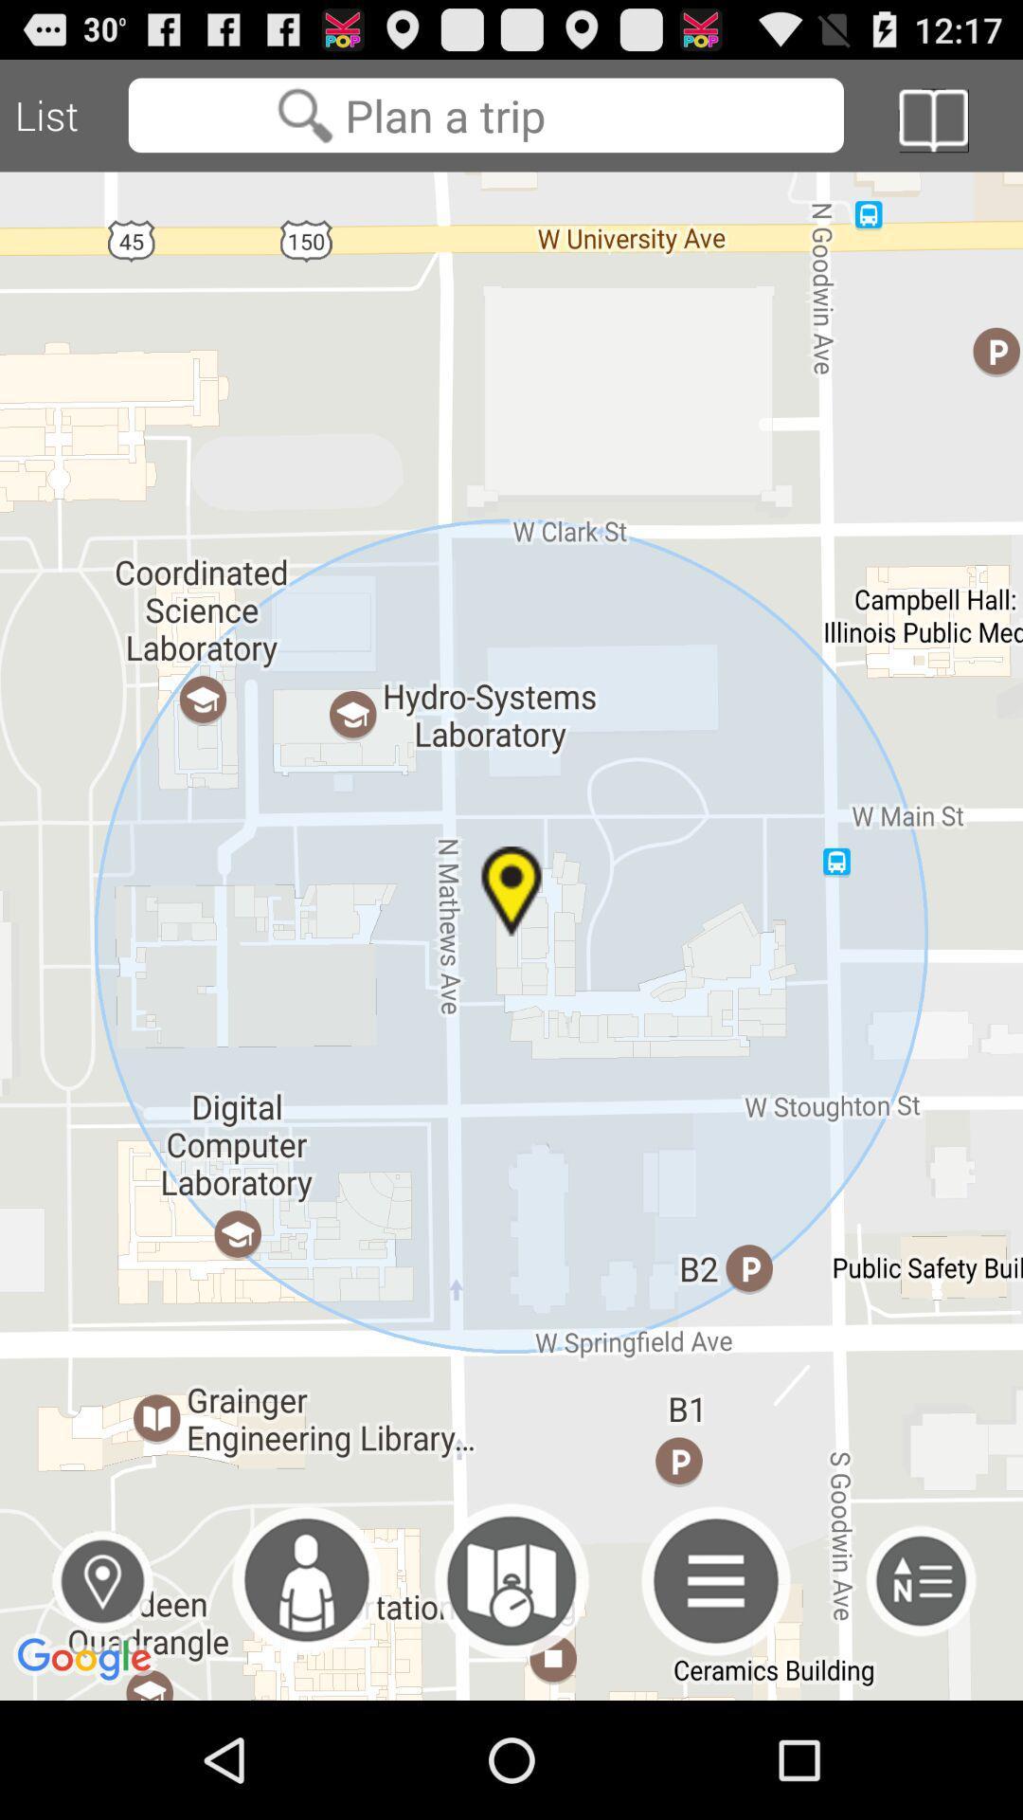 This screenshot has width=1023, height=1820. I want to click on the menu icon, so click(716, 1692).